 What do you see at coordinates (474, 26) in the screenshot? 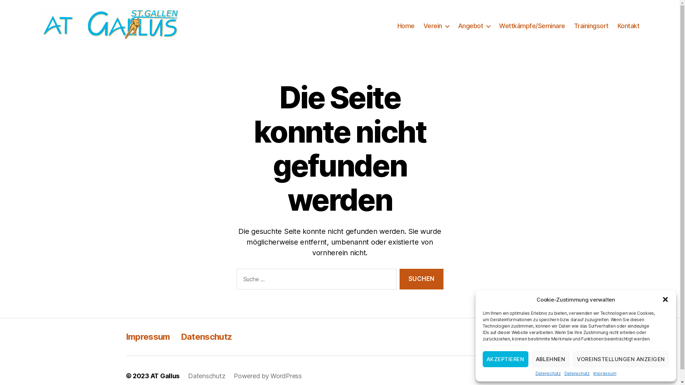
I see `'Angebot'` at bounding box center [474, 26].